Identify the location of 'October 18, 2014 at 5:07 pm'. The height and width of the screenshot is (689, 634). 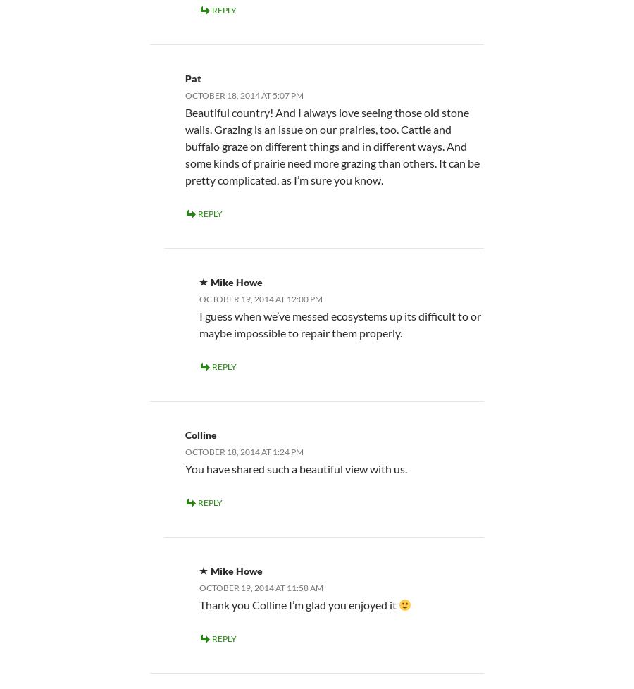
(244, 94).